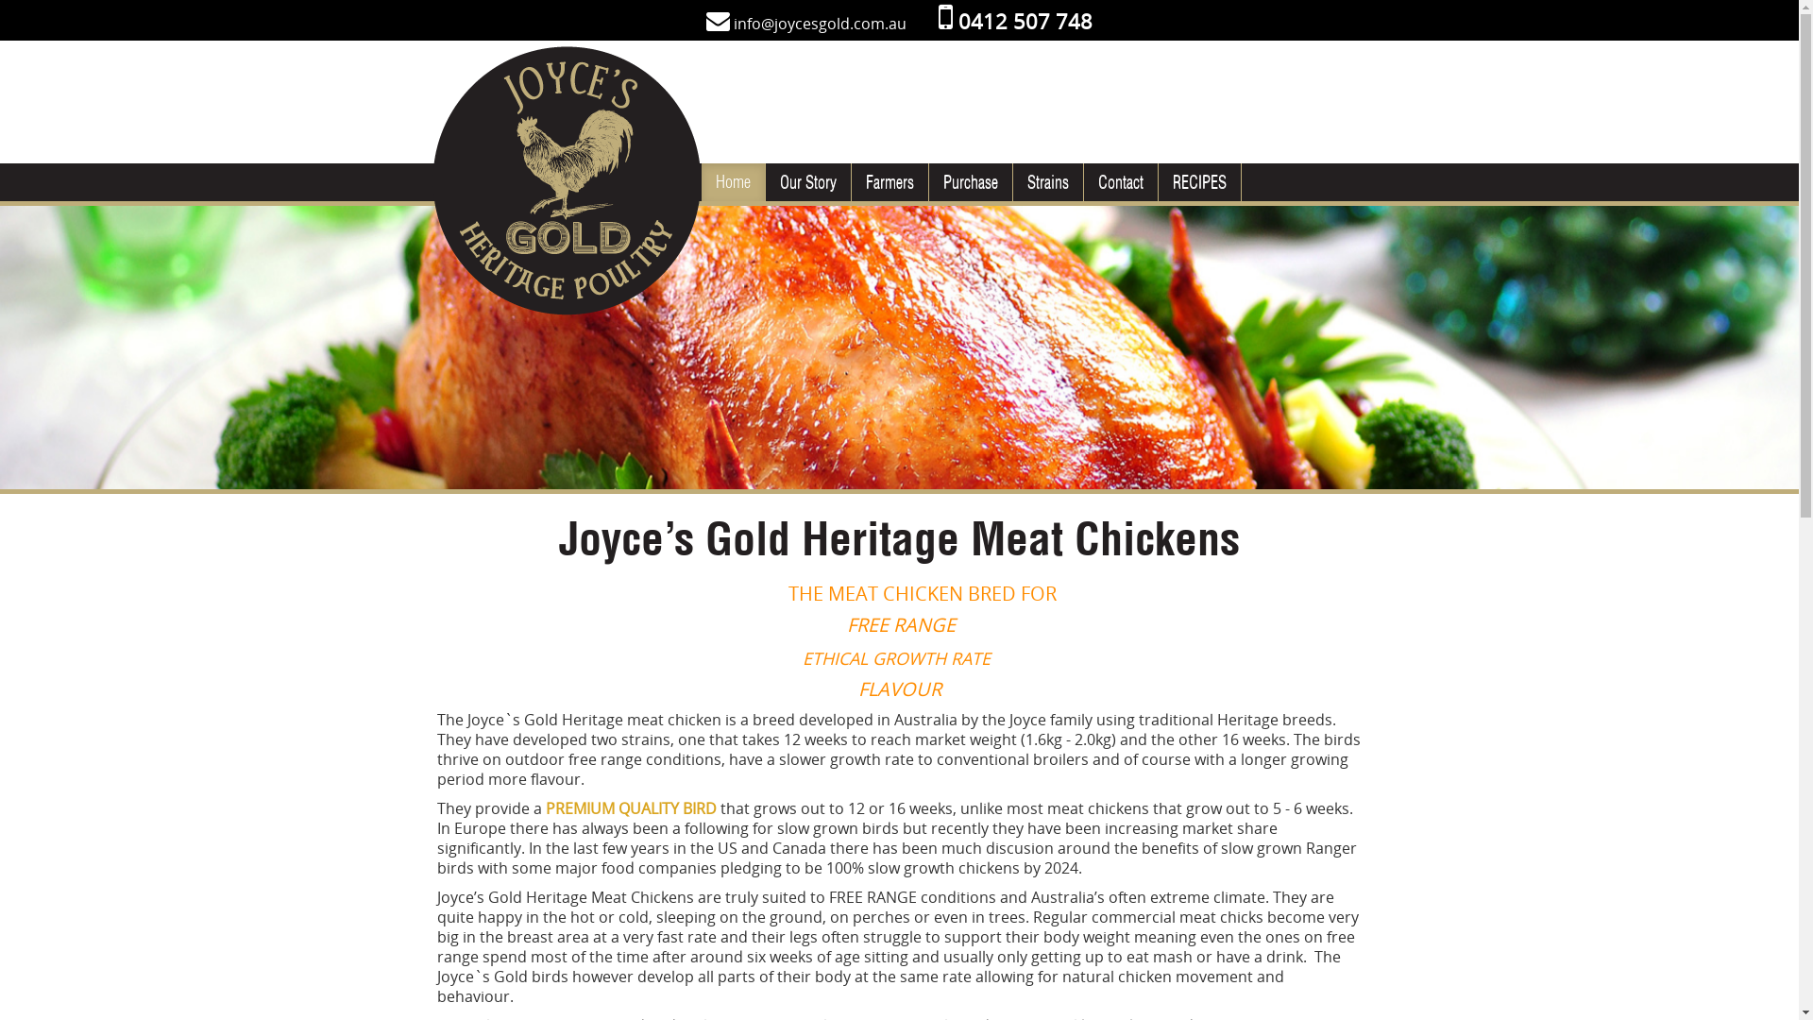 The image size is (1813, 1020). Describe the element at coordinates (1014, 21) in the screenshot. I see `' 0412 507 748'` at that location.